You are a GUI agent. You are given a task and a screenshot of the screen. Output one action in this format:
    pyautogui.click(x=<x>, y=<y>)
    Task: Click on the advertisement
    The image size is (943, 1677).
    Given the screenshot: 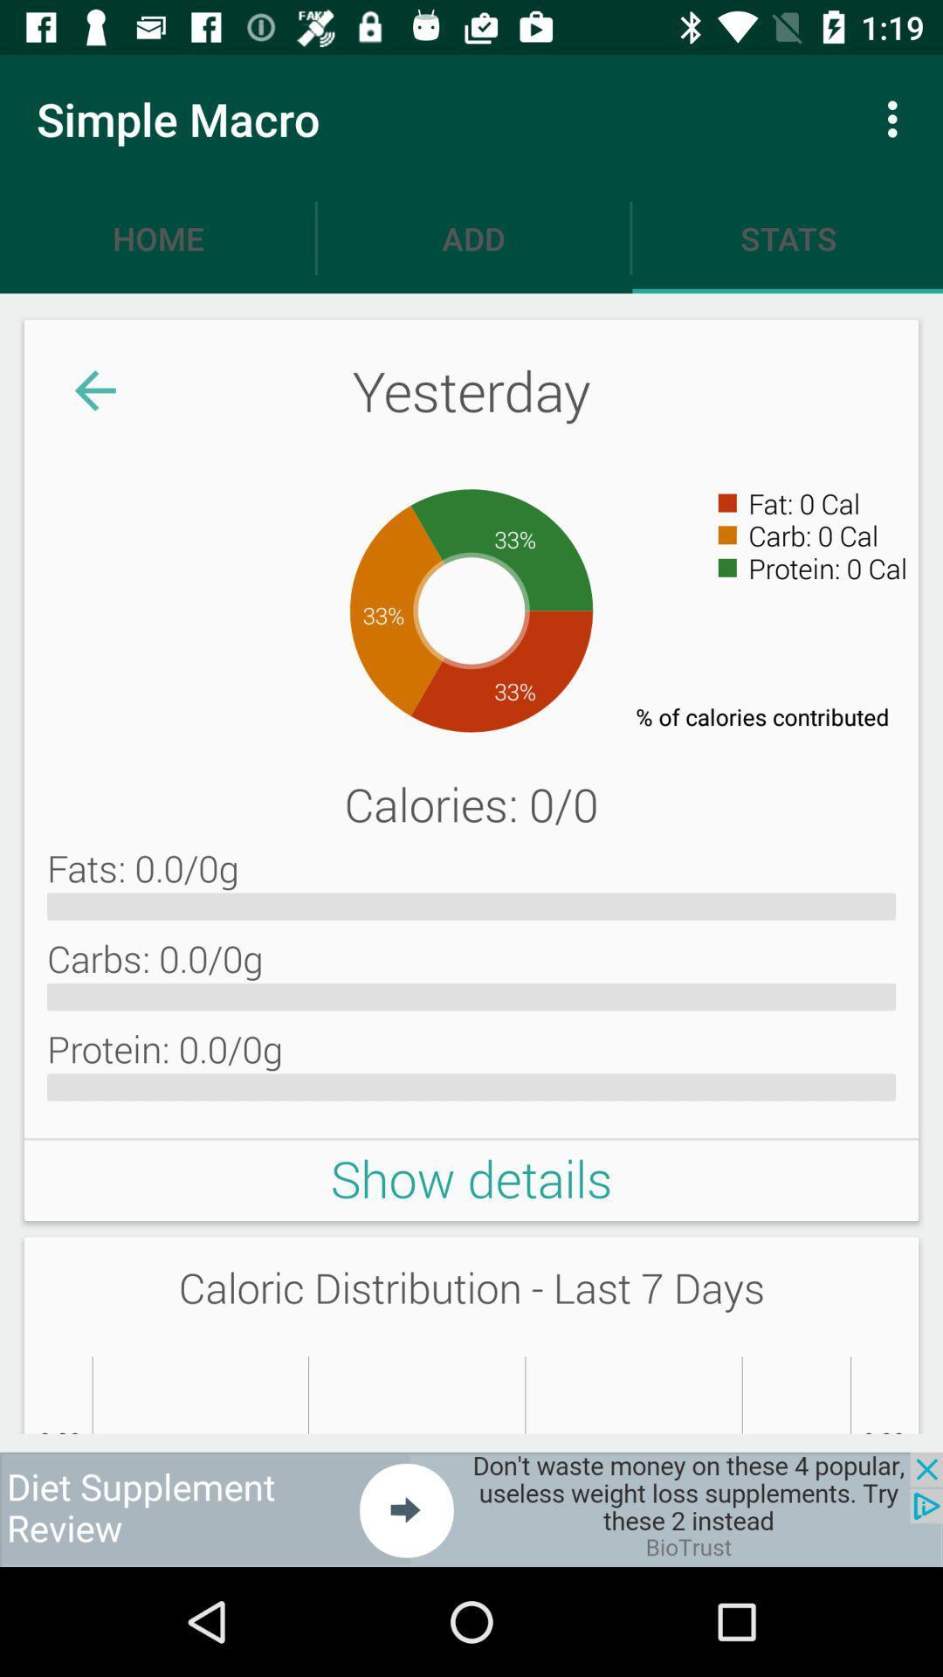 What is the action you would take?
    pyautogui.click(x=471, y=1508)
    